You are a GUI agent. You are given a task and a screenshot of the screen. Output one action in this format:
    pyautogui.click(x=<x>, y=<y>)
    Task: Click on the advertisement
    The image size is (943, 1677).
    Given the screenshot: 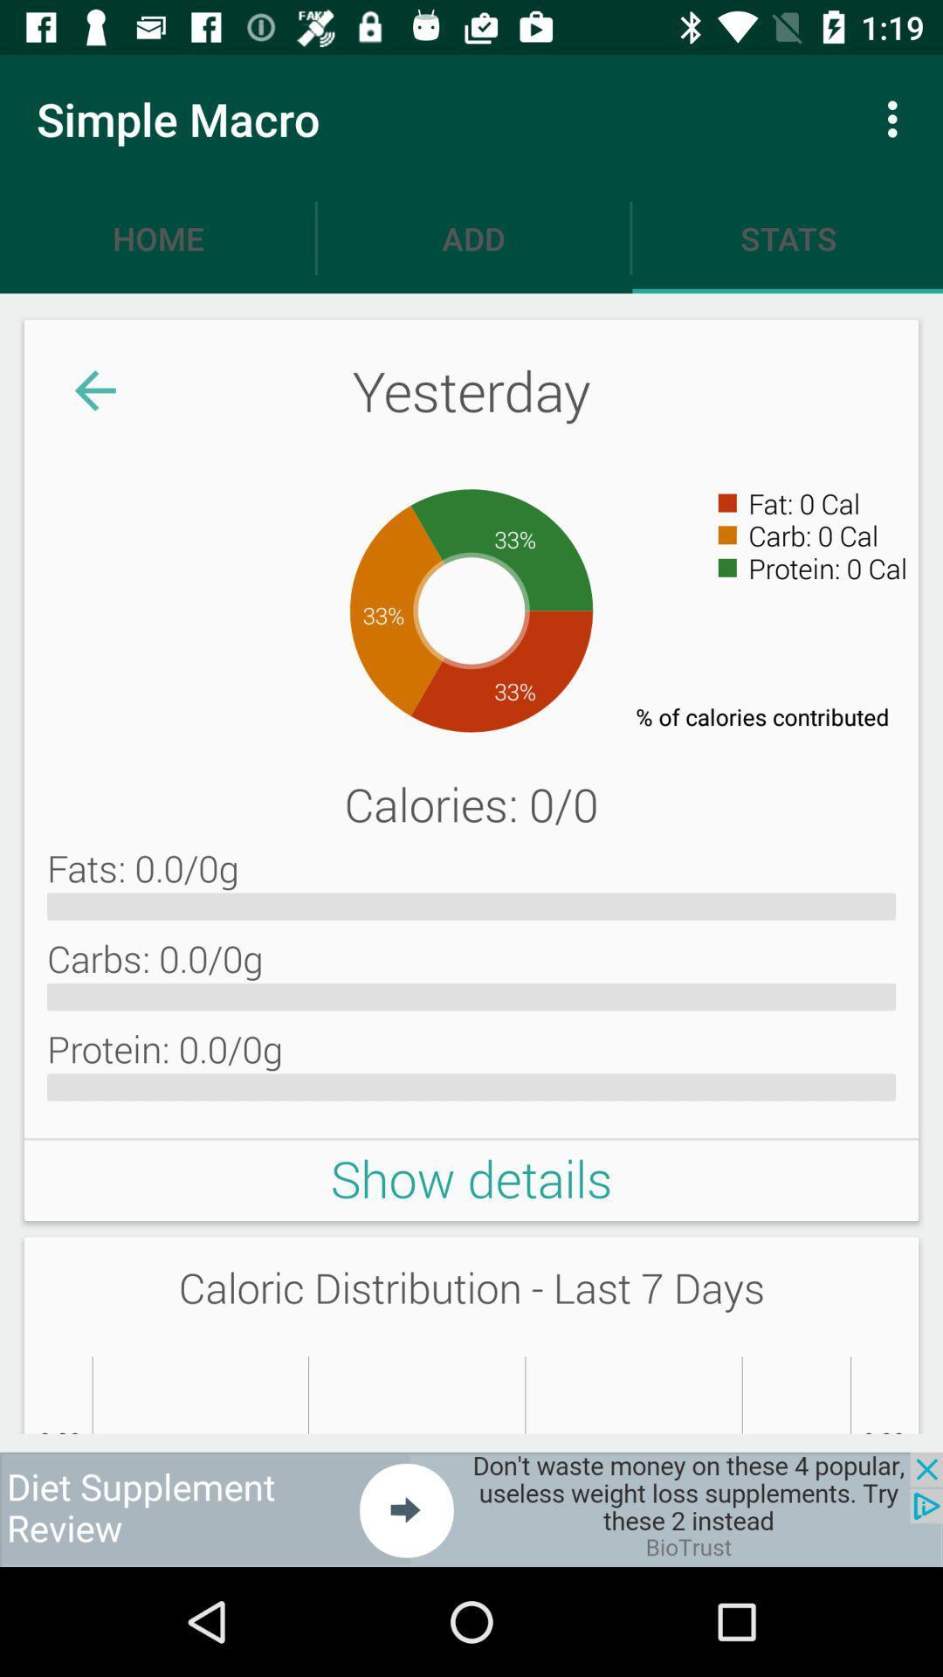 What is the action you would take?
    pyautogui.click(x=471, y=1508)
    